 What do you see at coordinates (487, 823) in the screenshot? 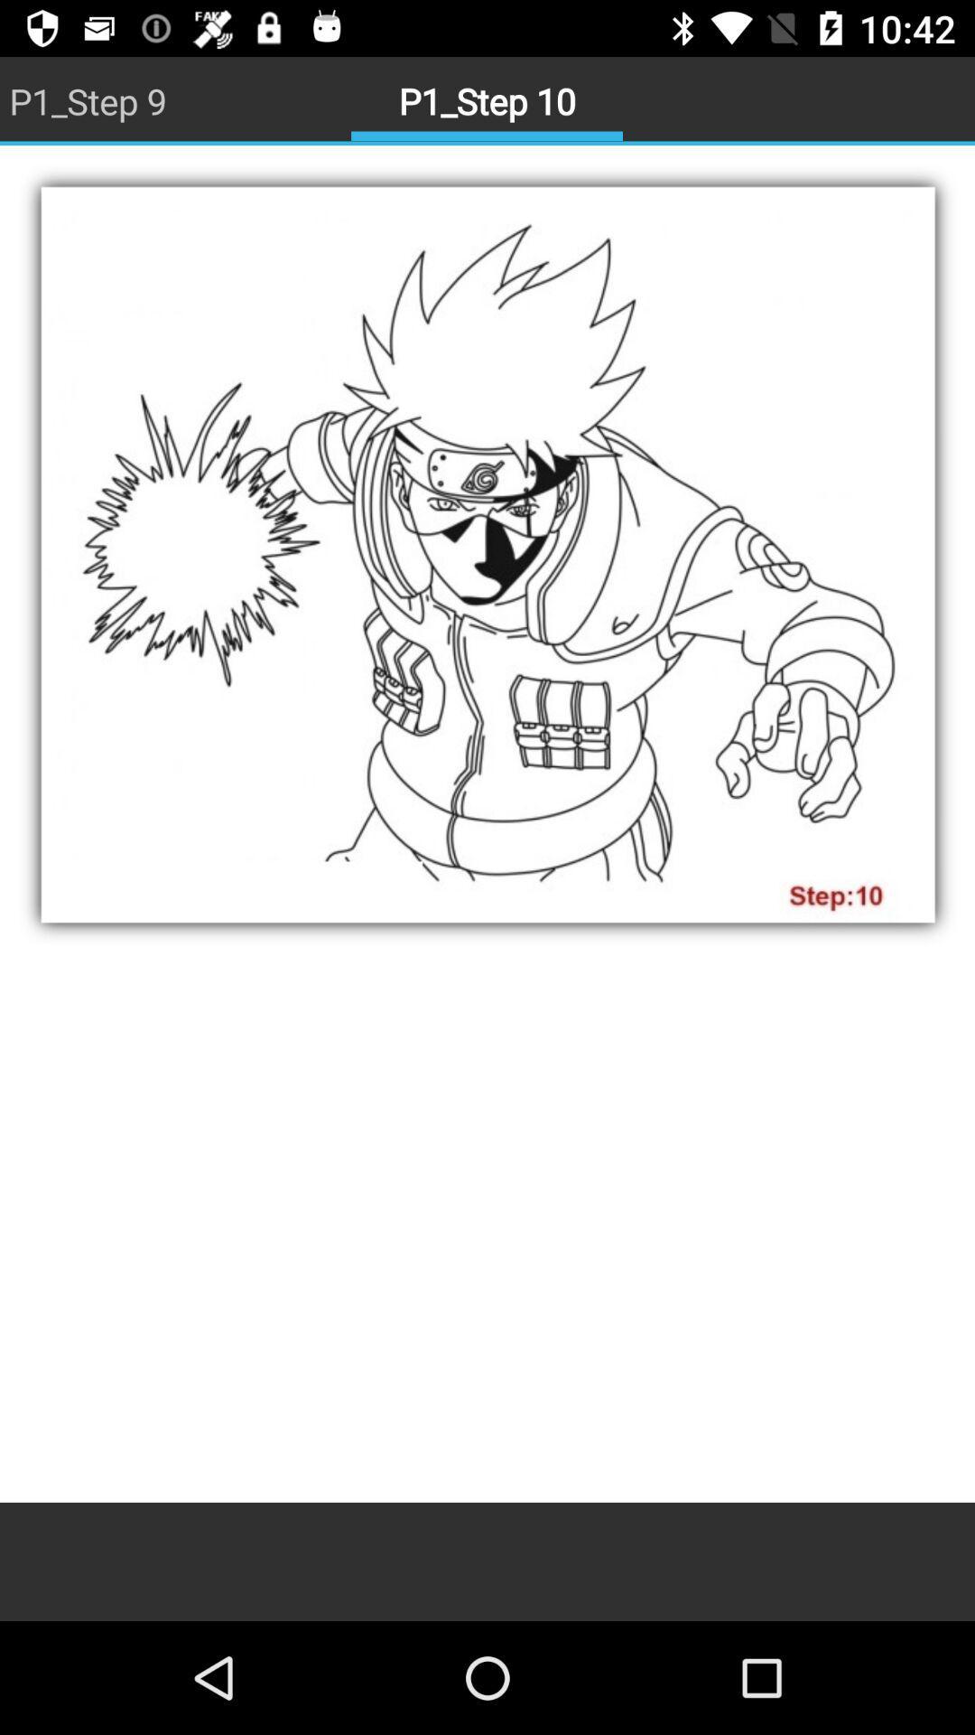
I see `app main window` at bounding box center [487, 823].